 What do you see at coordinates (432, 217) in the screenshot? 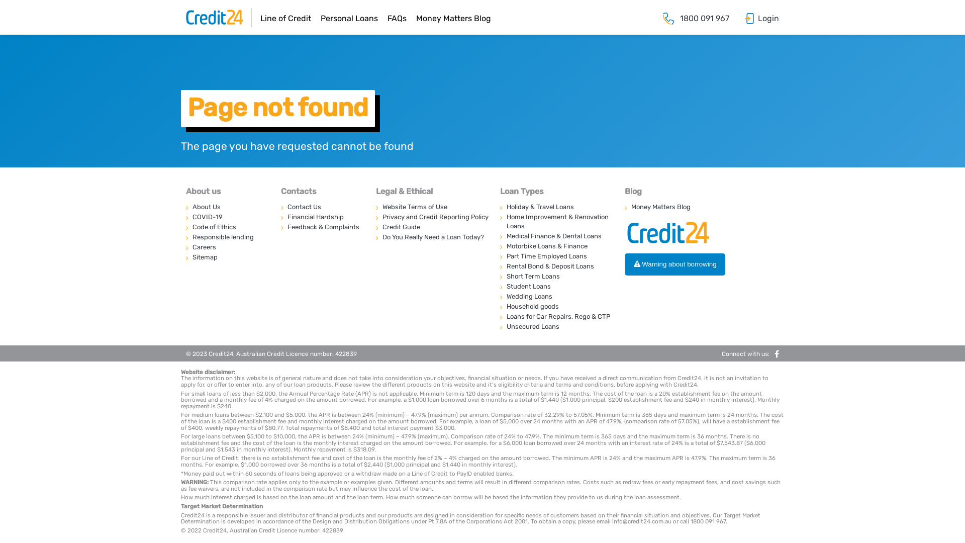
I see `'Privacy and Credit Reporting Policy'` at bounding box center [432, 217].